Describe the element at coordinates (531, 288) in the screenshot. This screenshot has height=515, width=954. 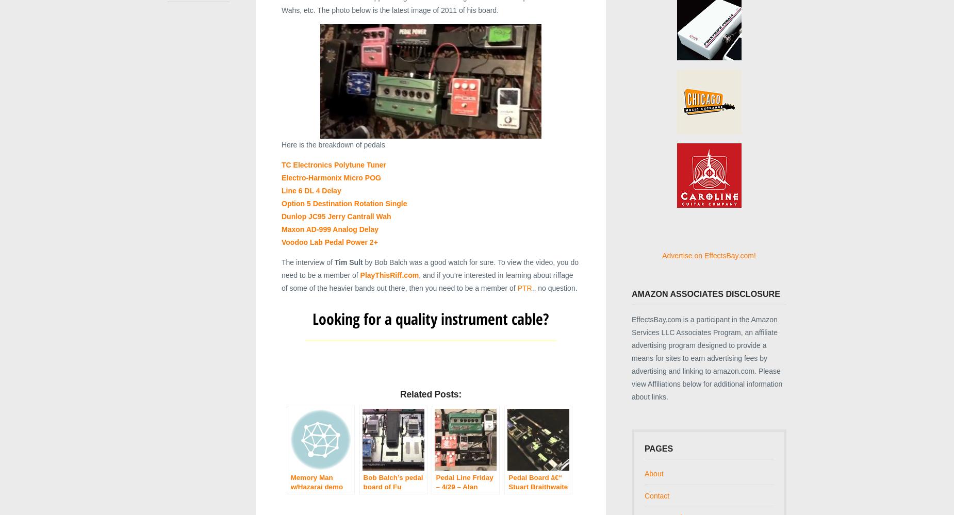
I see `'.. no question.'` at that location.